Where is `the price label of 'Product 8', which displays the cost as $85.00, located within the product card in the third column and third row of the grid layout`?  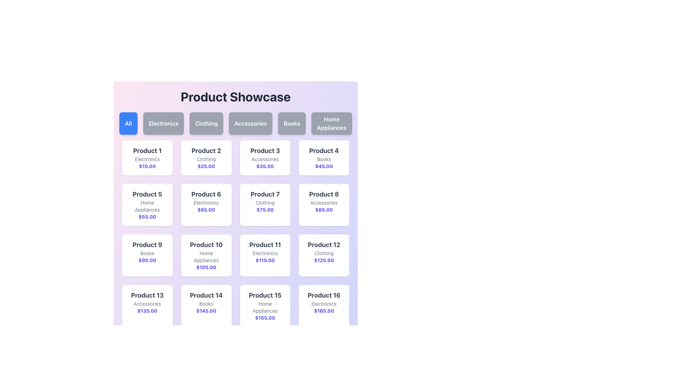
the price label of 'Product 8', which displays the cost as $85.00, located within the product card in the third column and third row of the grid layout is located at coordinates (324, 209).